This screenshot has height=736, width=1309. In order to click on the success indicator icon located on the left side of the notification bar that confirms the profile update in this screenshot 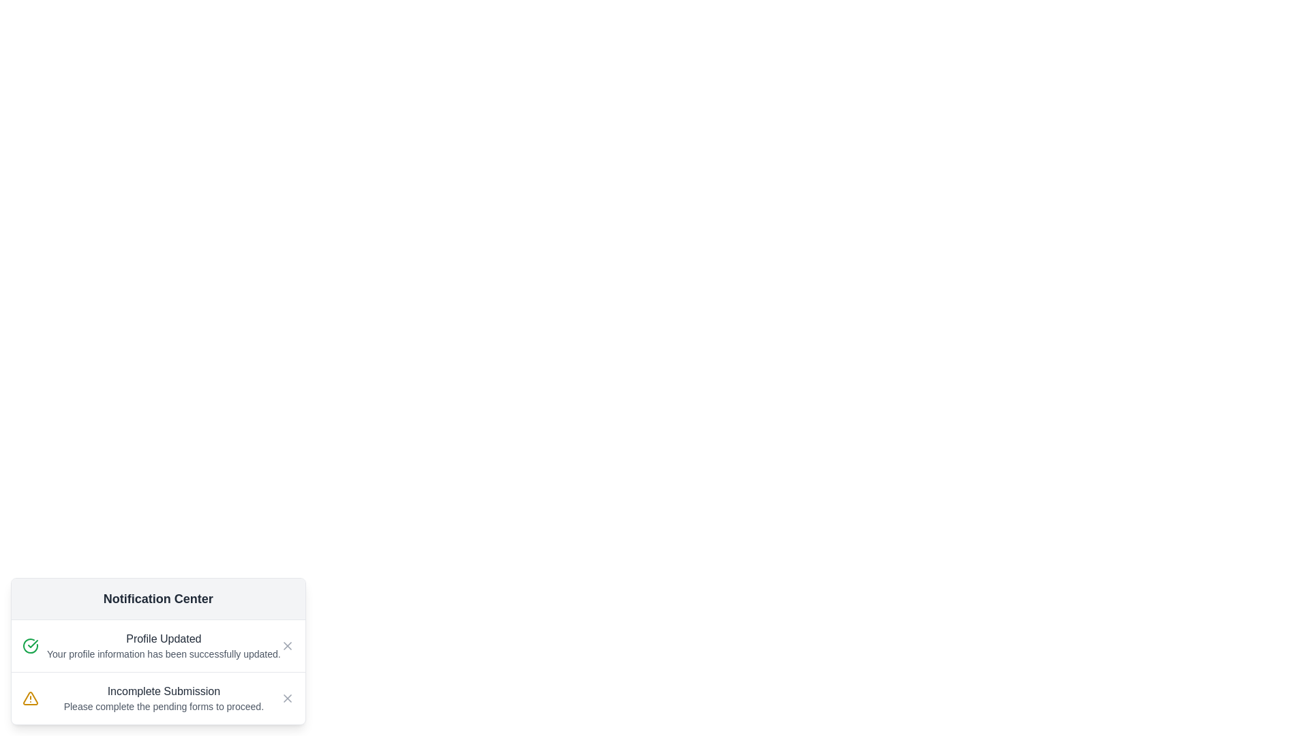, I will do `click(30, 645)`.